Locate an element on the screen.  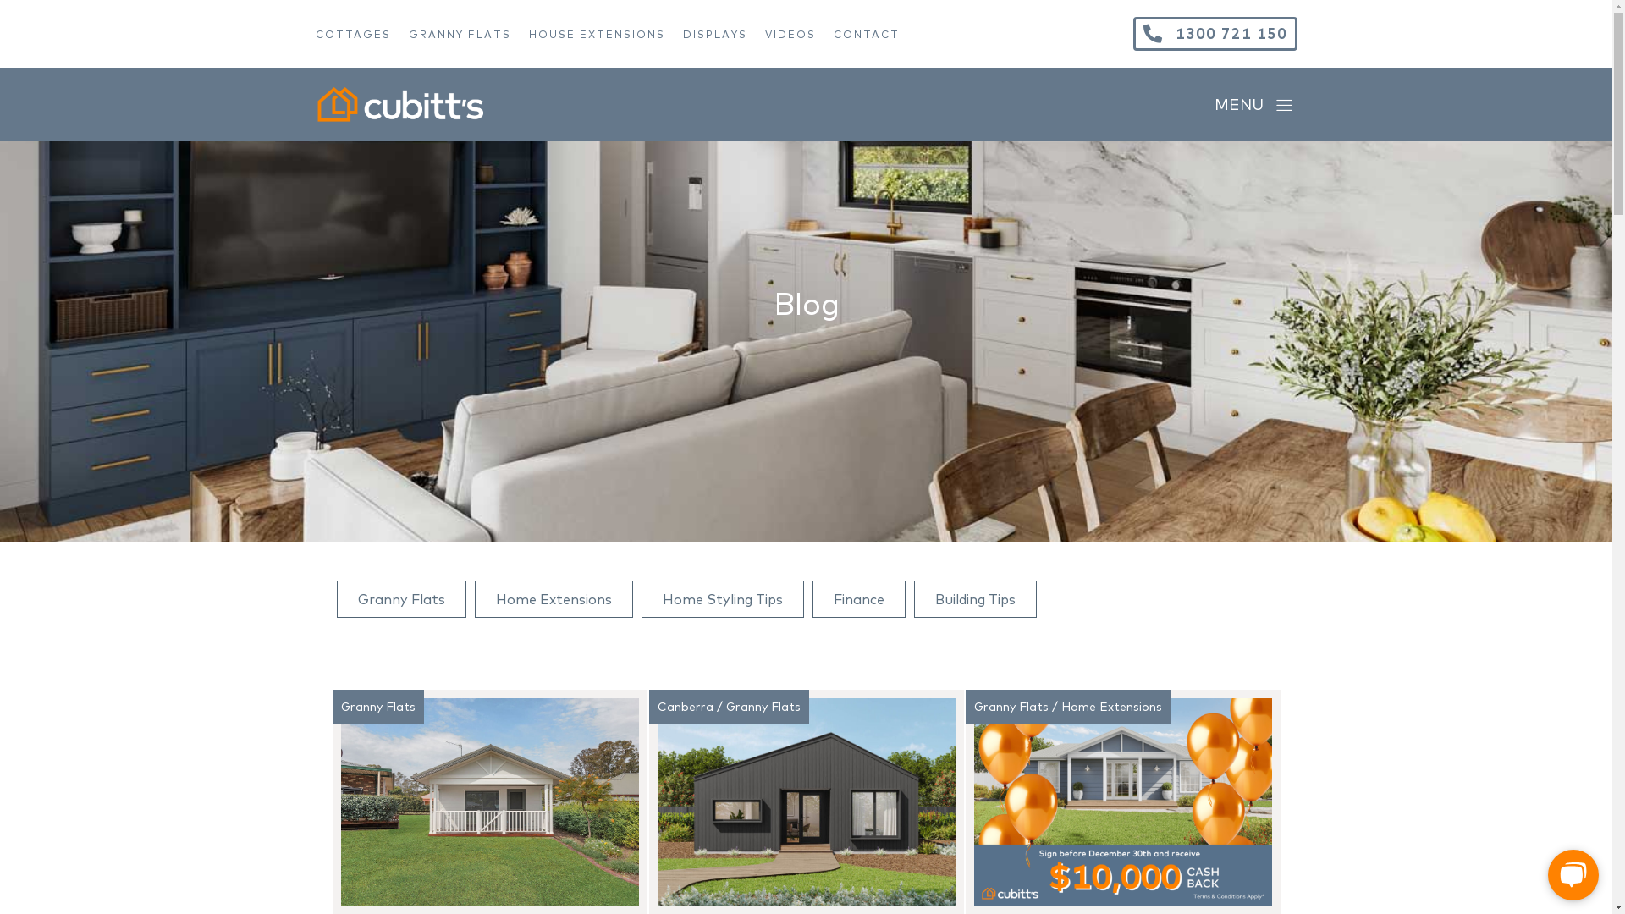
'2023 End of Year Offer' is located at coordinates (1121, 801).